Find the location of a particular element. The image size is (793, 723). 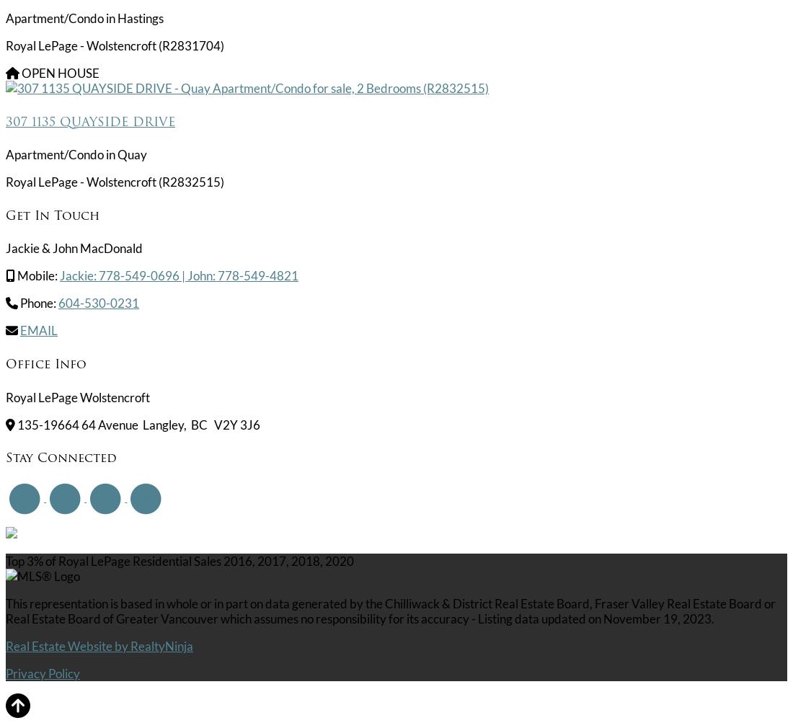

'Mobile:' is located at coordinates (37, 275).